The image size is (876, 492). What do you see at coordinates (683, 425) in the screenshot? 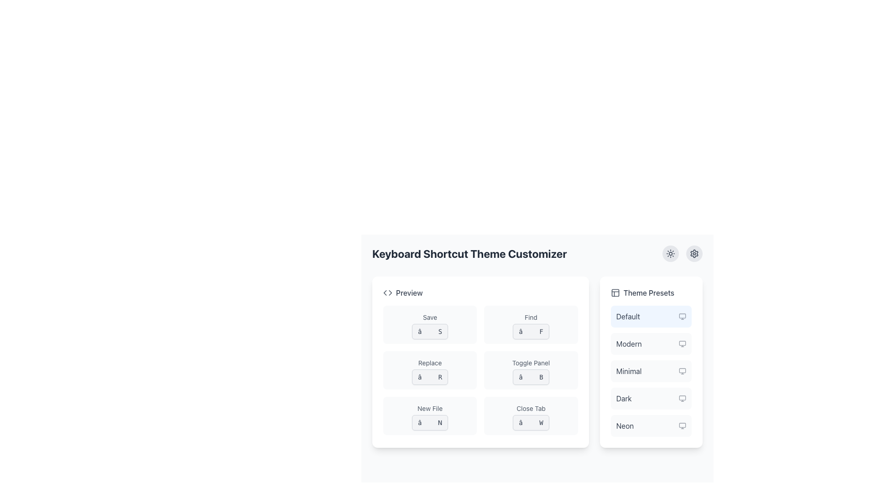
I see `the monitor icon located to the right of the 'Neon' text in the 'Theme Presets' section` at bounding box center [683, 425].